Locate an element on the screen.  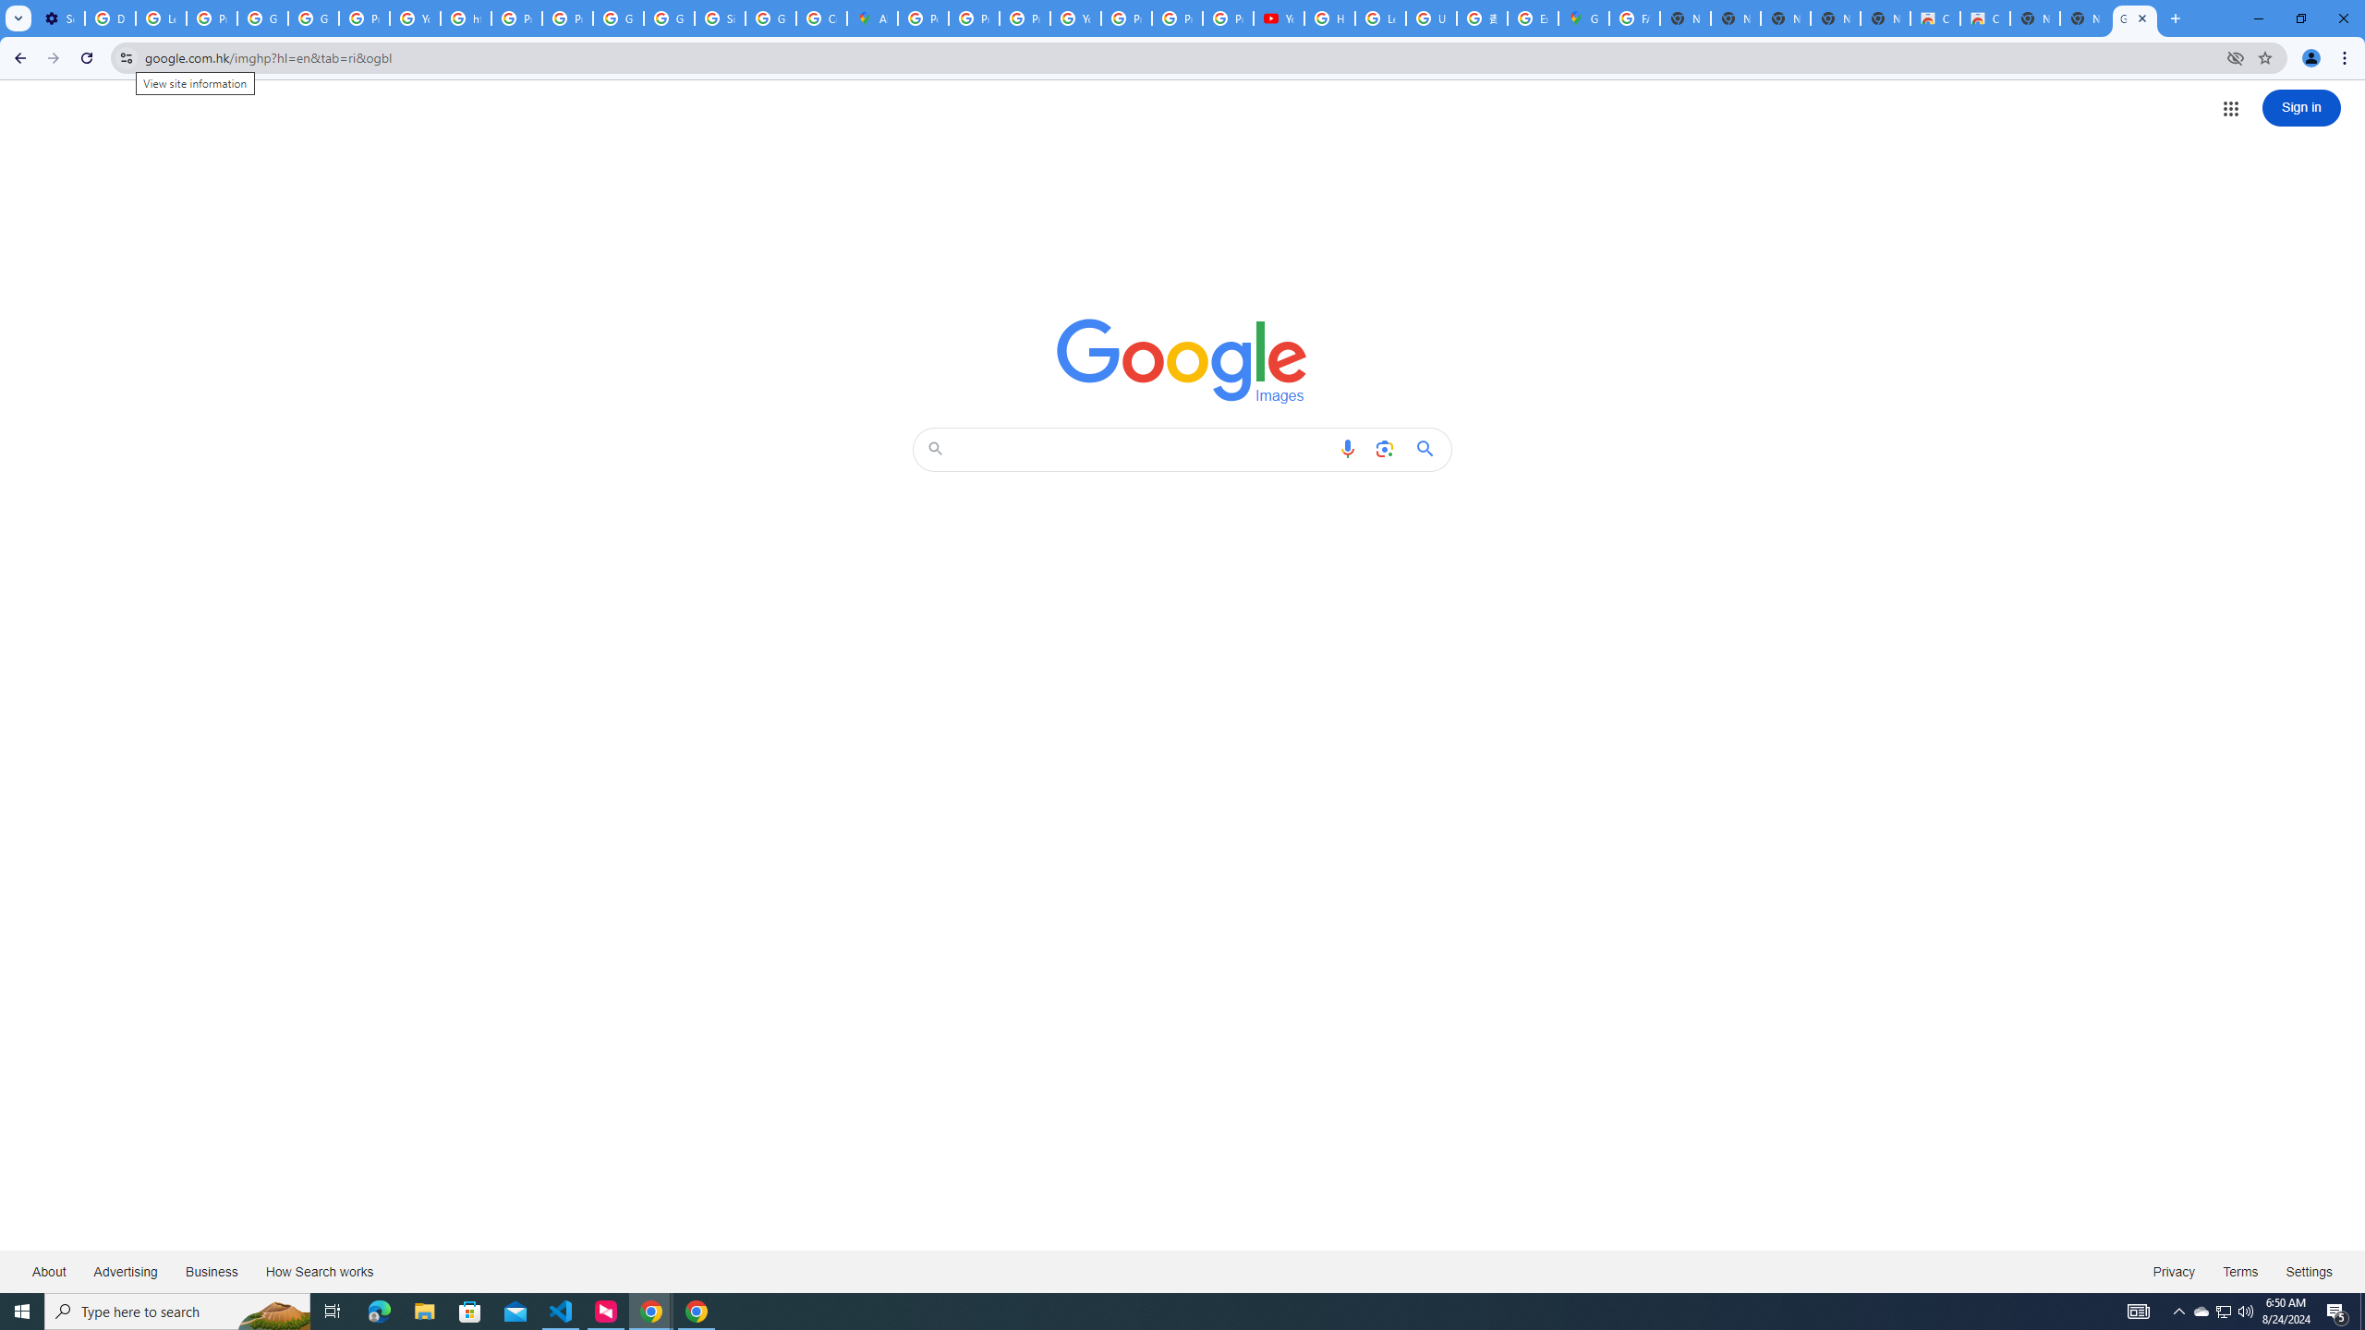
'Policy Accountability and Transparency - Transparency Center' is located at coordinates (922, 18).